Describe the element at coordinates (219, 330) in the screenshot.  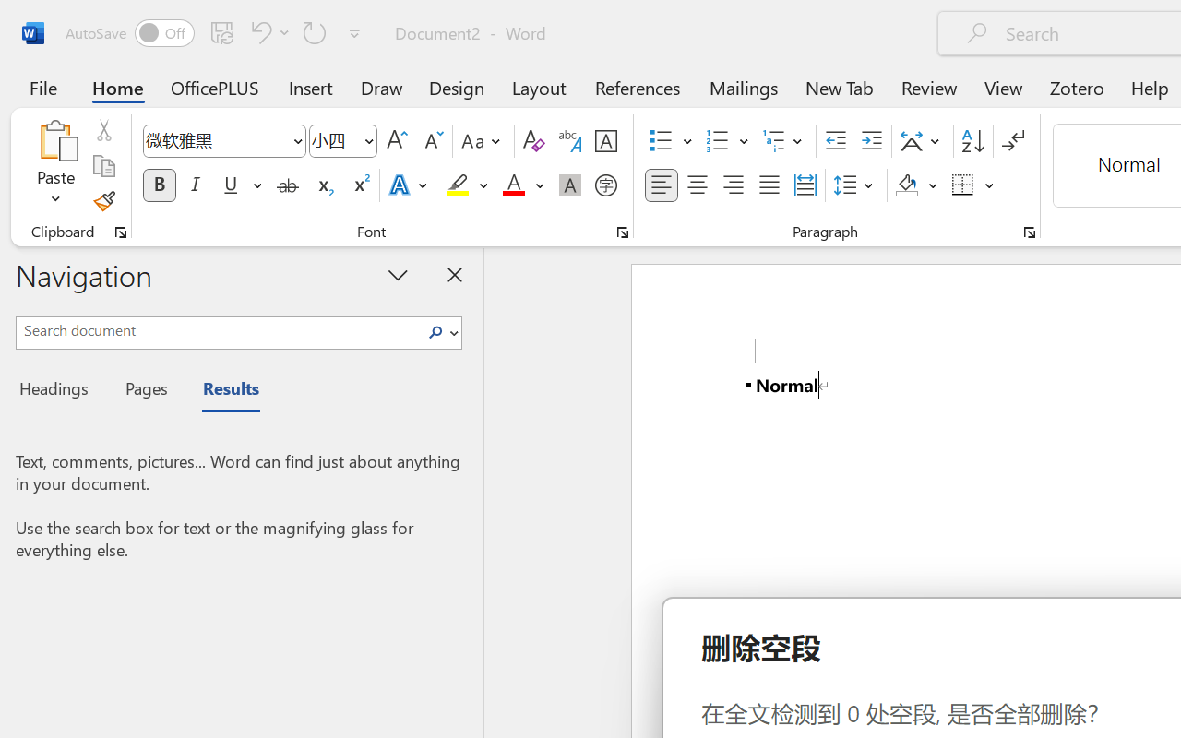
I see `'Search document'` at that location.